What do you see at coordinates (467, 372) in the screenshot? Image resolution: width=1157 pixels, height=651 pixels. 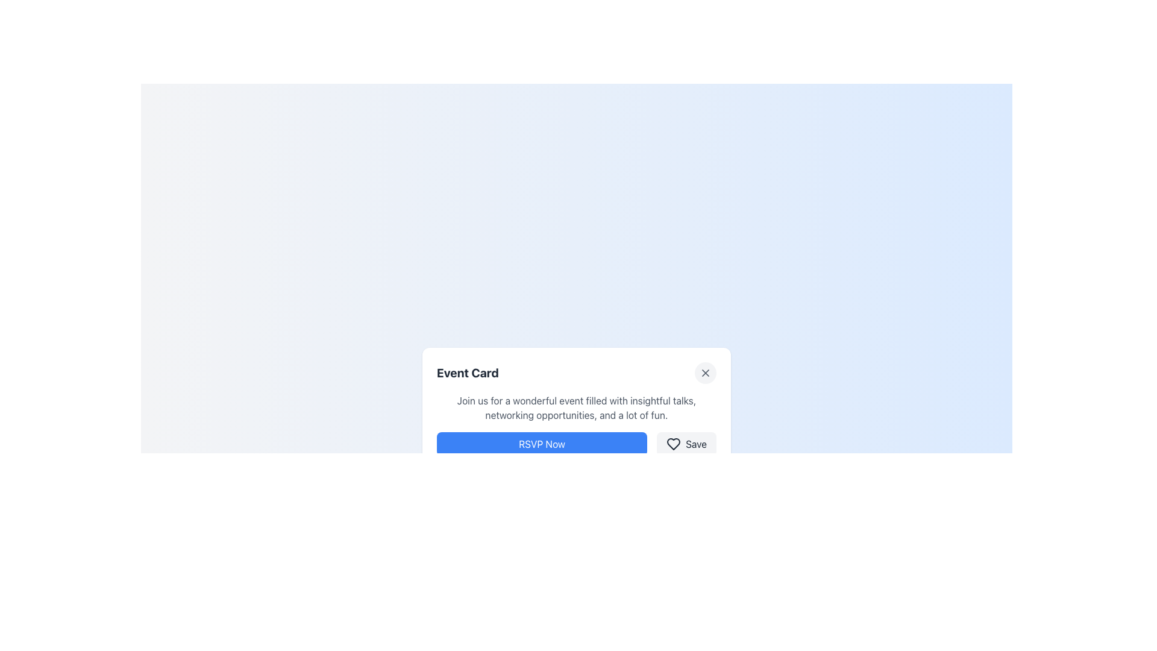 I see `the 'Event Card' static text, which is bold and large, styled in dark gray on a light background` at bounding box center [467, 372].